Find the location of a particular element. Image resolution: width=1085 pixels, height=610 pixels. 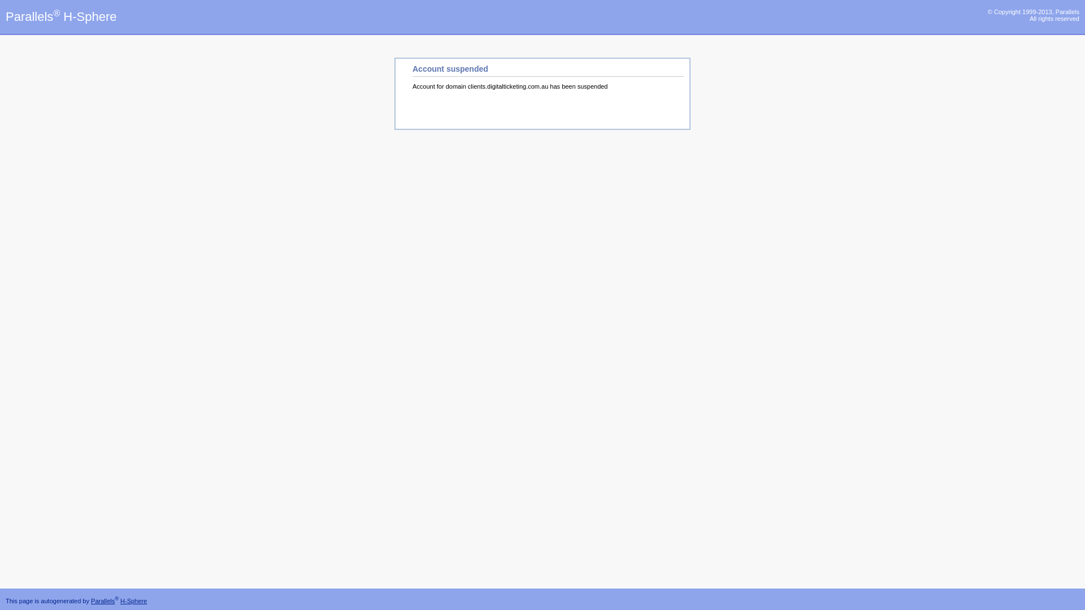

'H-Sphere' is located at coordinates (133, 600).